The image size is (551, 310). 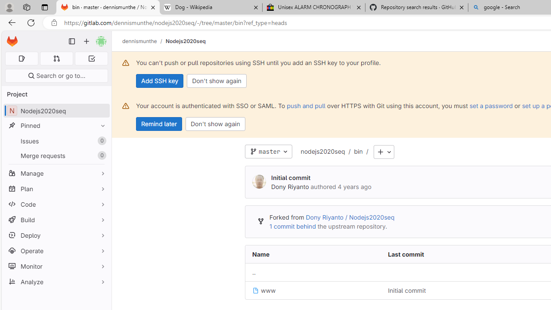 I want to click on 'Build', so click(x=56, y=219).